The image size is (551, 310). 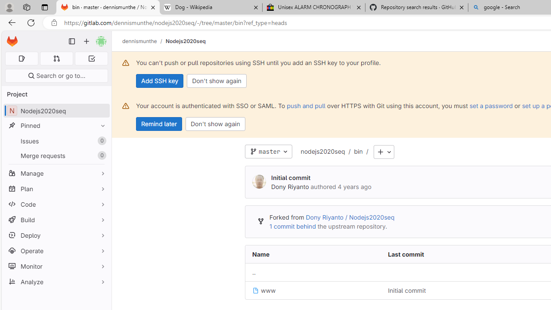 I want to click on 'Build', so click(x=56, y=219).